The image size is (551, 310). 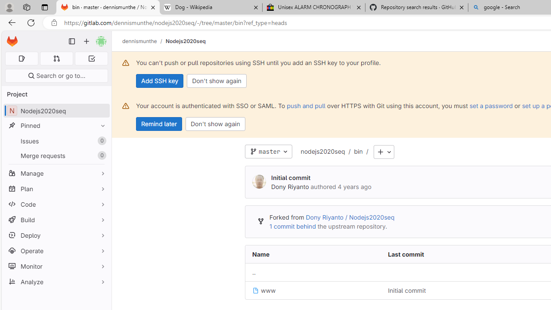 I want to click on 'Build', so click(x=56, y=219).